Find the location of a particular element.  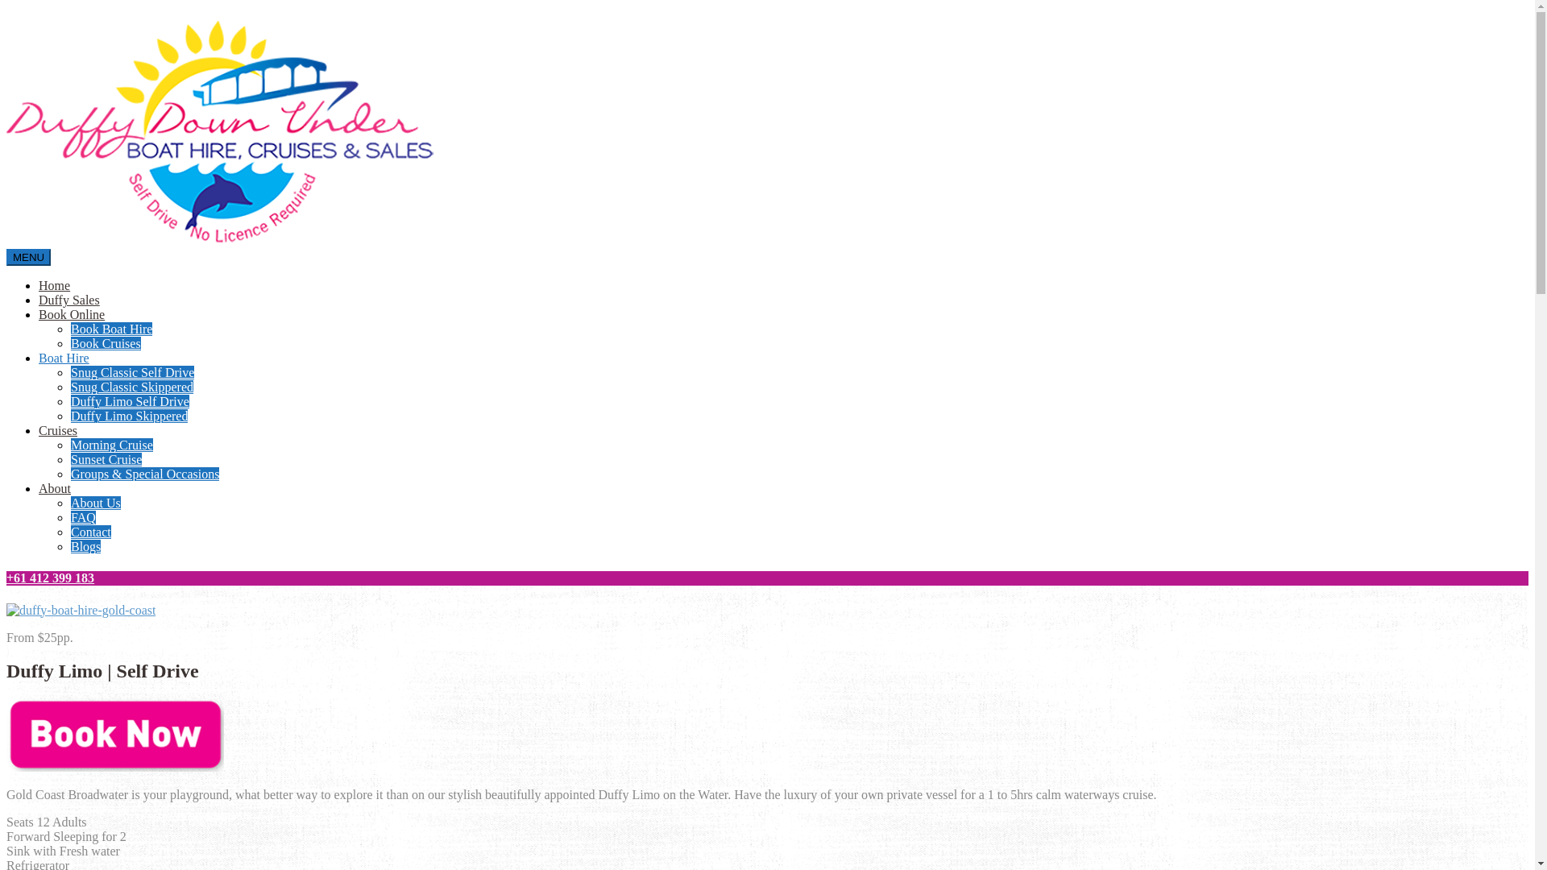

'Boat Hire' is located at coordinates (39, 357).